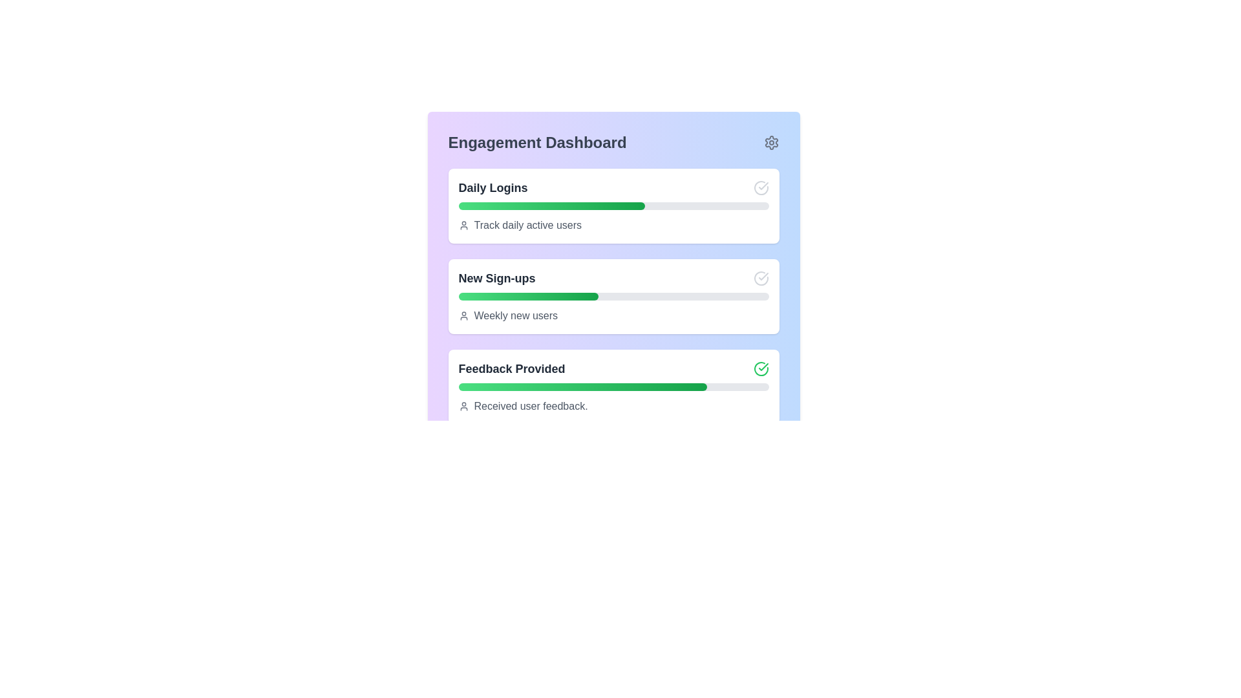 The image size is (1241, 698). I want to click on the checkmark icon enclosed within a circle, so click(763, 276).